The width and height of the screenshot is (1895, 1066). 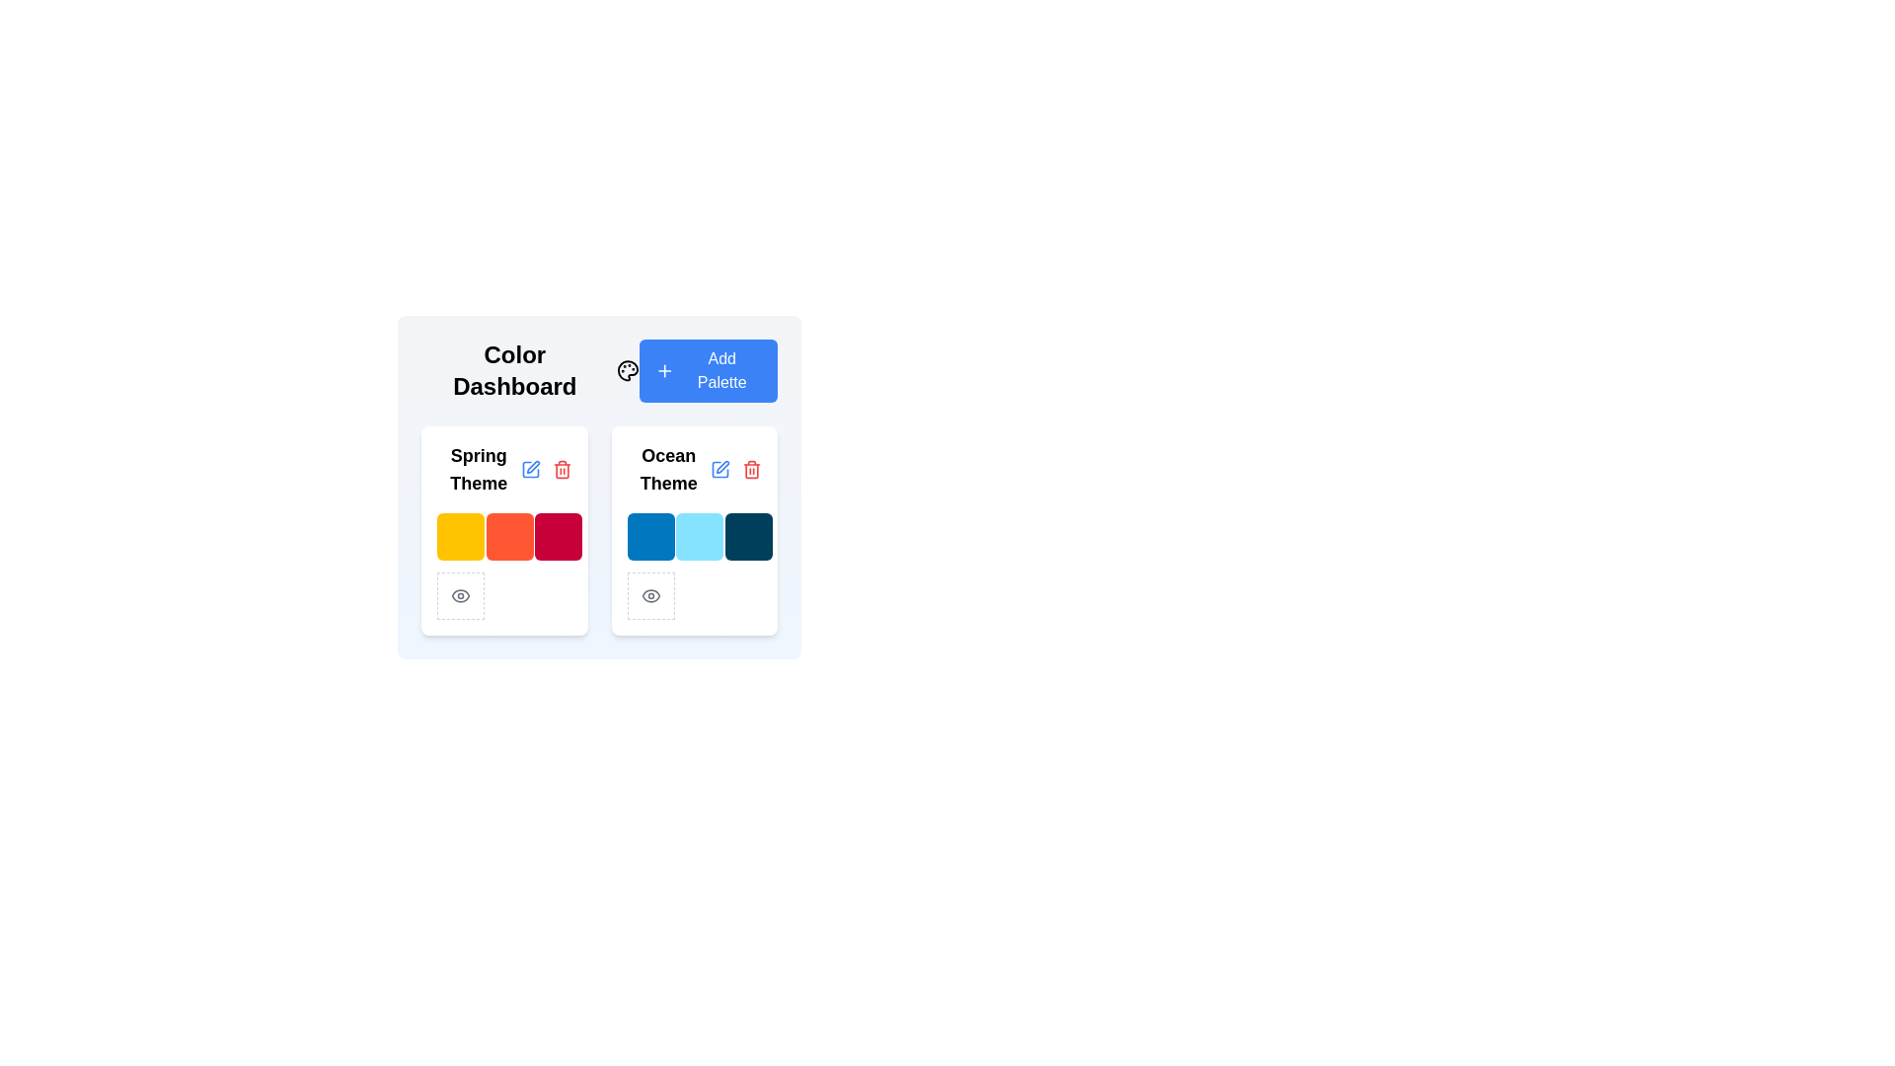 What do you see at coordinates (598, 370) in the screenshot?
I see `palette icon located within the 'Color Dashboard' section, which serves as the header for managing color palettes` at bounding box center [598, 370].